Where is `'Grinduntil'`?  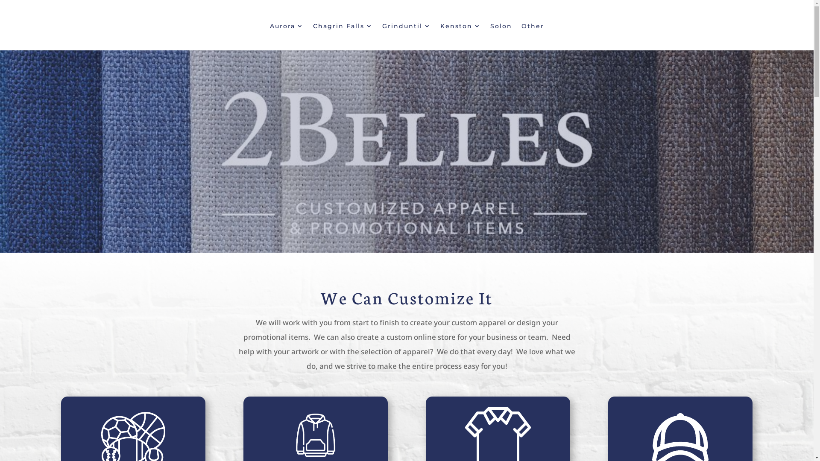
'Grinduntil' is located at coordinates (405, 27).